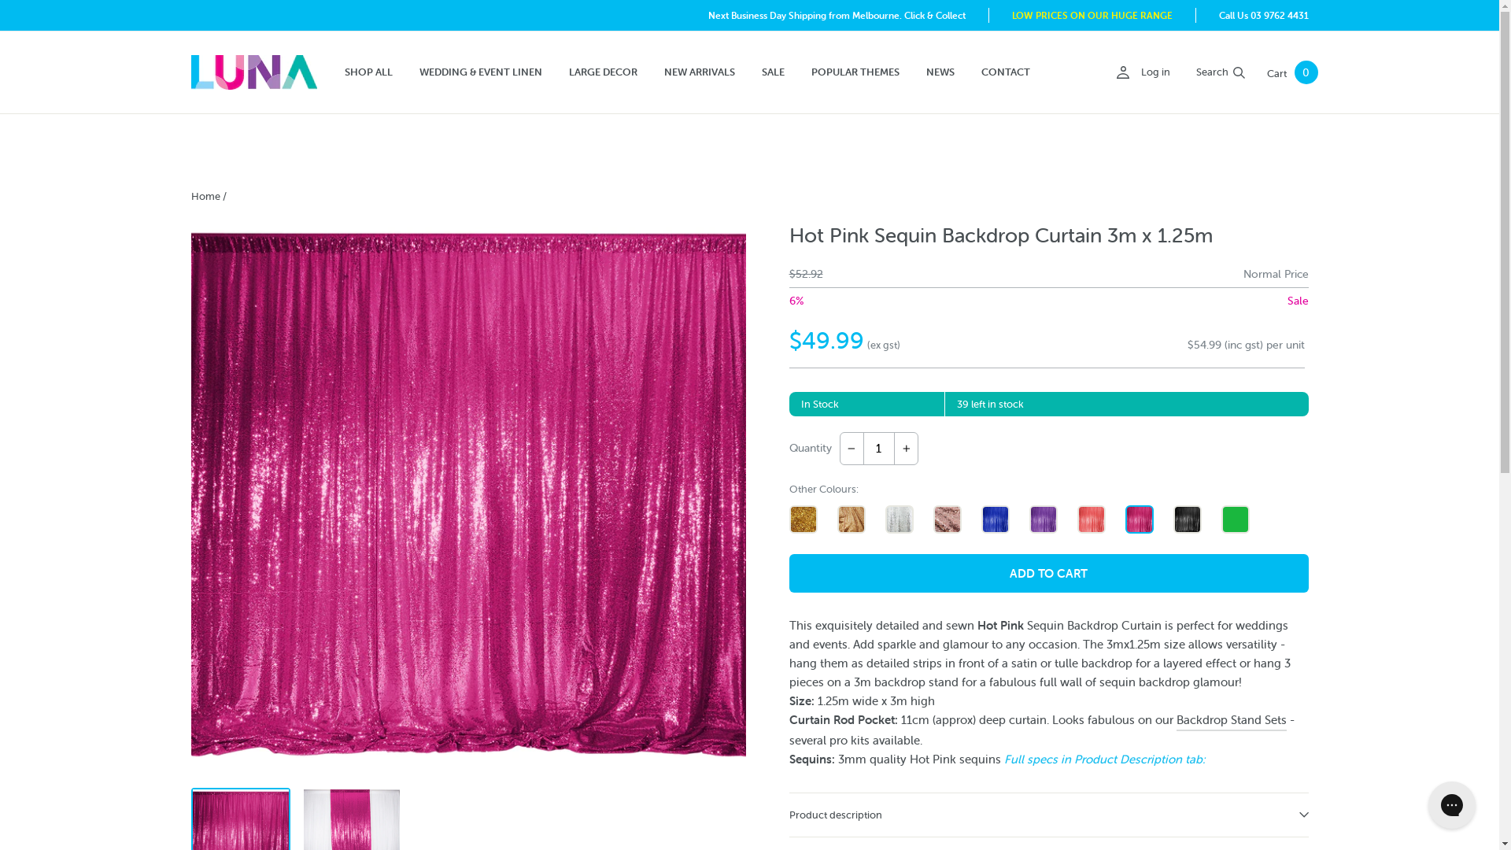 The image size is (1511, 850). Describe the element at coordinates (836, 15) in the screenshot. I see `'Next Business Day Shipping from Melbourne. Click & Collect'` at that location.